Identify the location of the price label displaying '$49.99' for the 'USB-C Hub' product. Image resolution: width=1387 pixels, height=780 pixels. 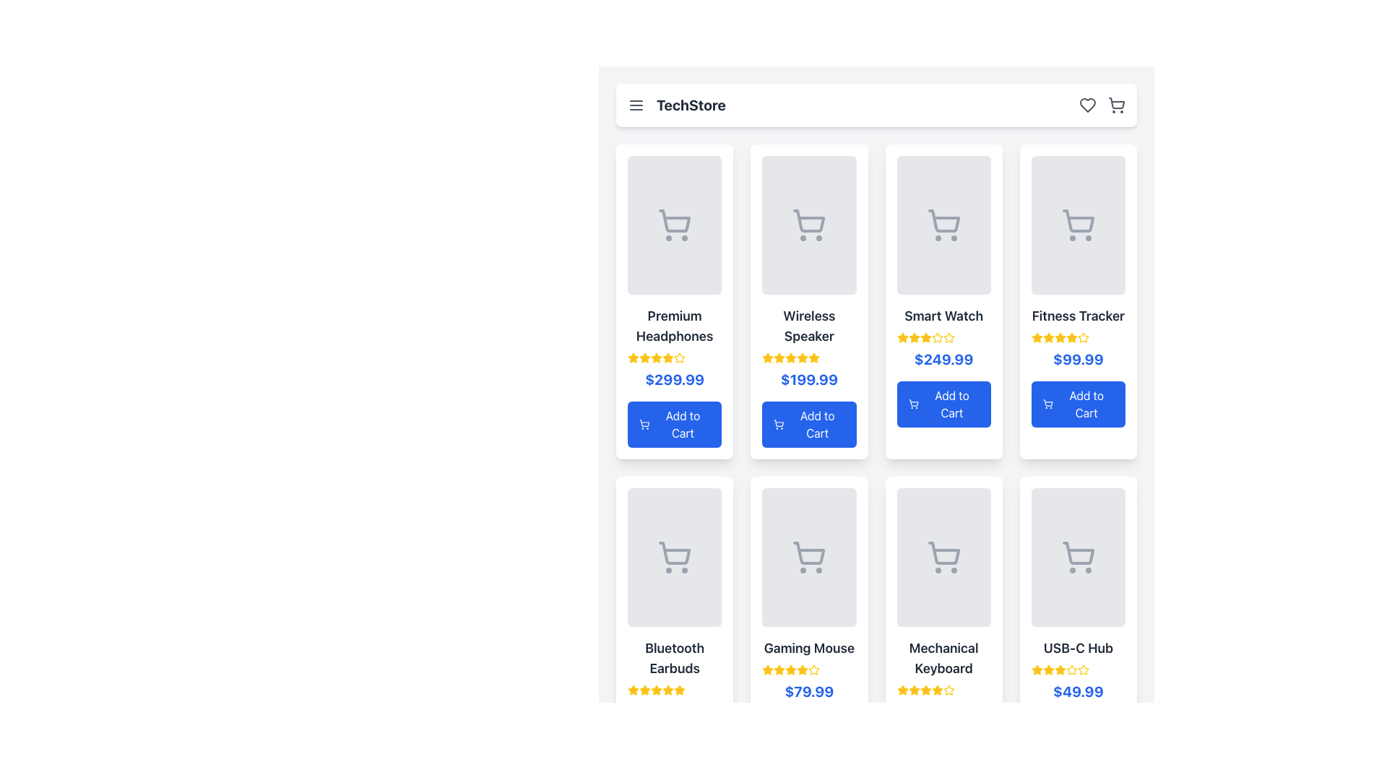
(1078, 690).